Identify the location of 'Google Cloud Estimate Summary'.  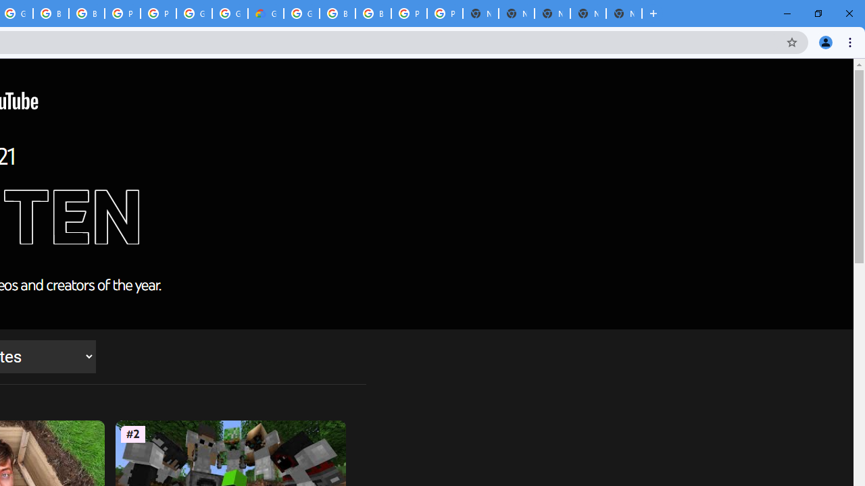
(266, 13).